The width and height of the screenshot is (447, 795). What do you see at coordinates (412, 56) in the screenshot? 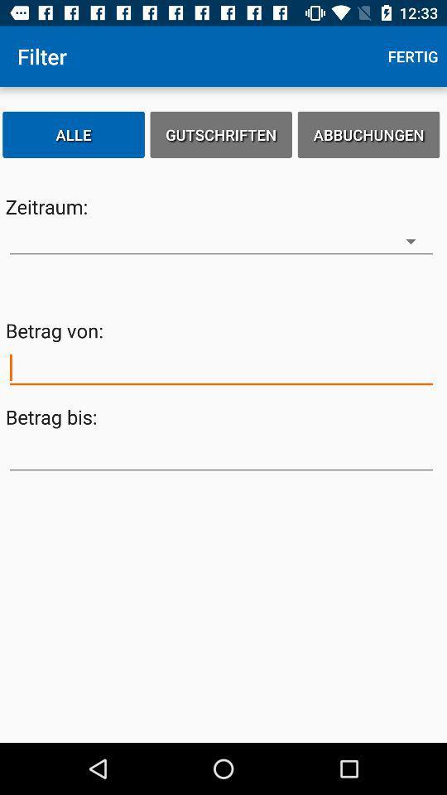
I see `icon above the abbuchungen item` at bounding box center [412, 56].